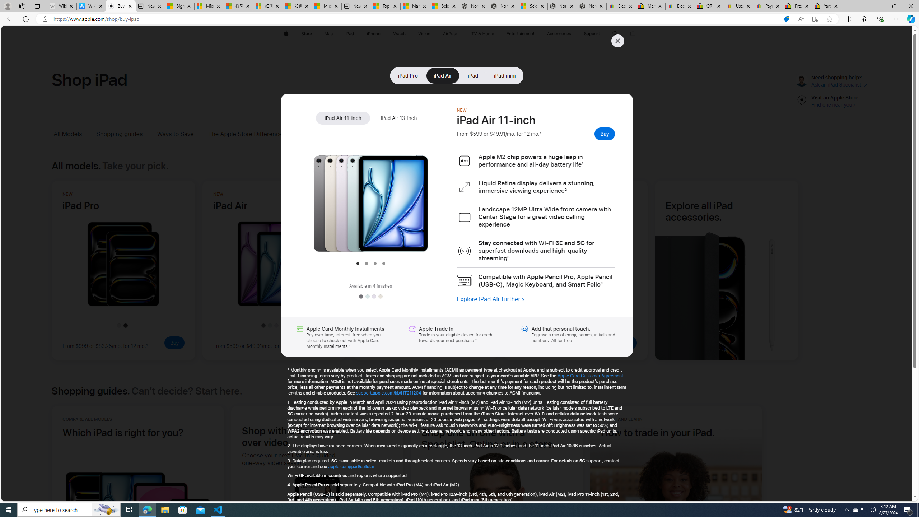 This screenshot has width=919, height=517. What do you see at coordinates (414, 6) in the screenshot?
I see `'Marine life - MSN'` at bounding box center [414, 6].